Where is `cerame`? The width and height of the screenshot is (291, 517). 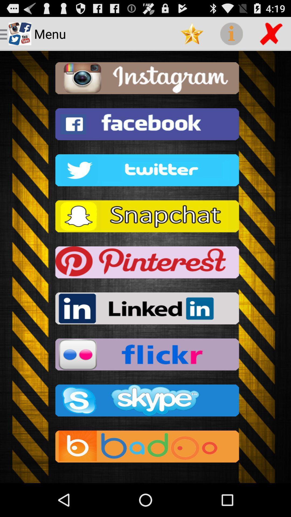 cerame is located at coordinates (145, 79).